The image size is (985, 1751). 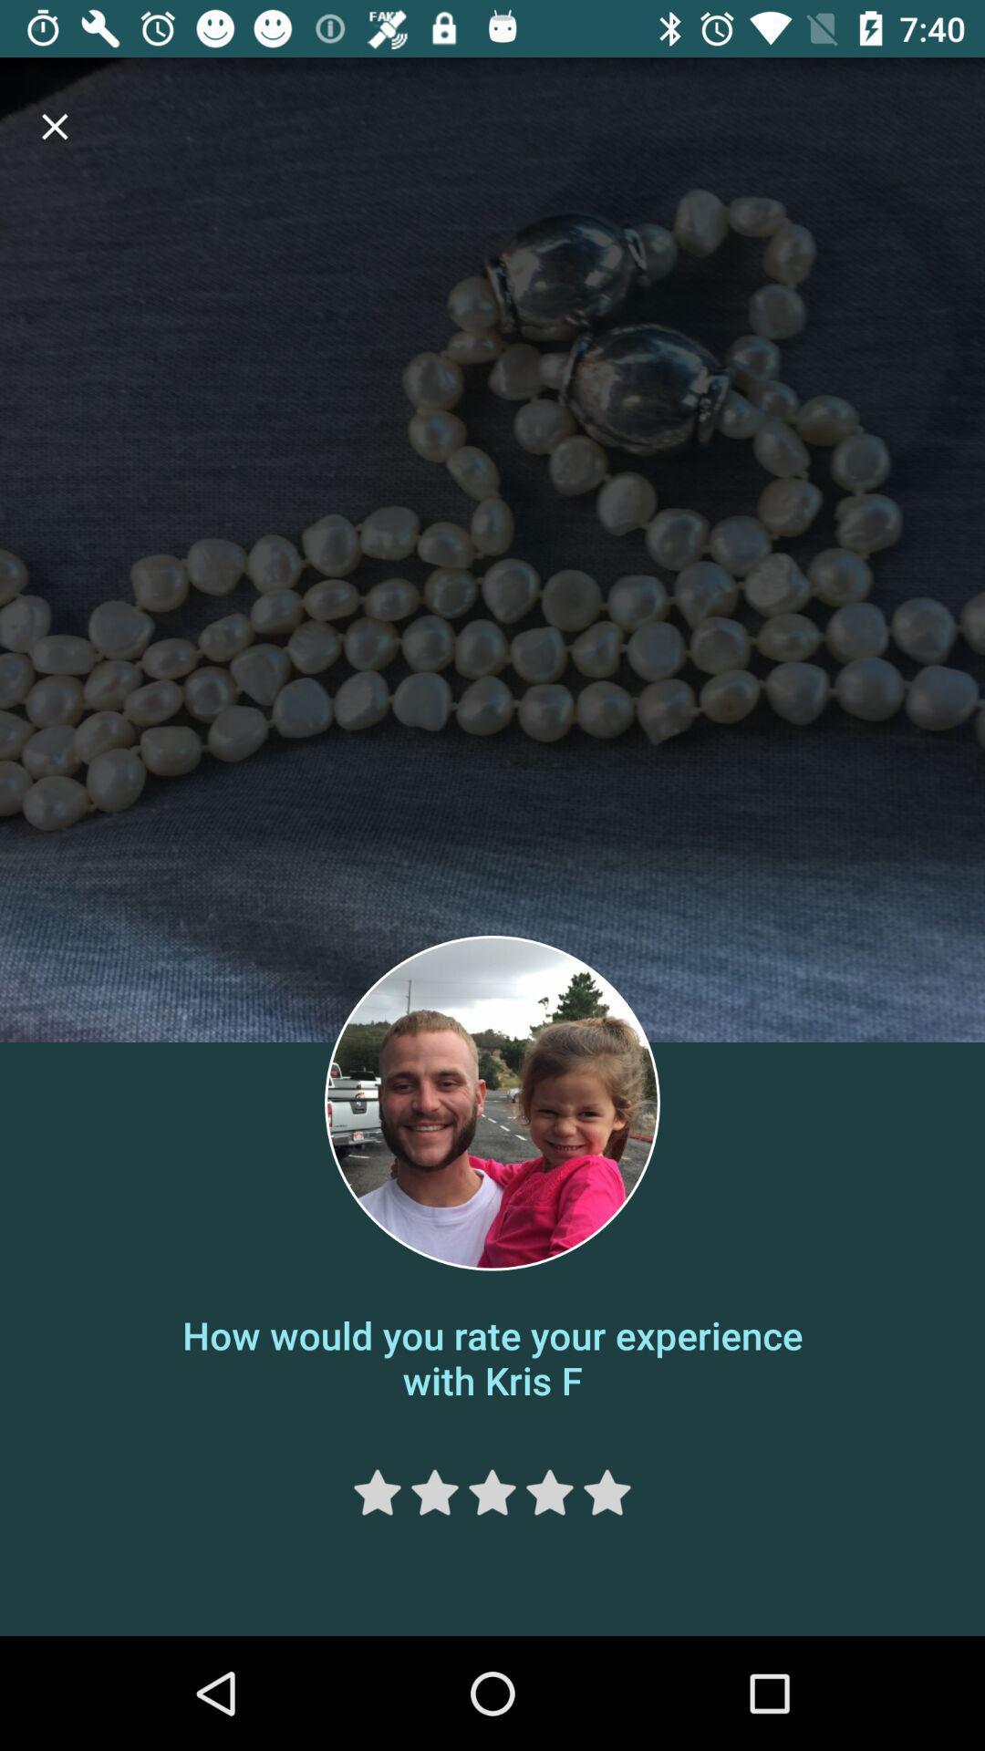 I want to click on give a grade, so click(x=493, y=1492).